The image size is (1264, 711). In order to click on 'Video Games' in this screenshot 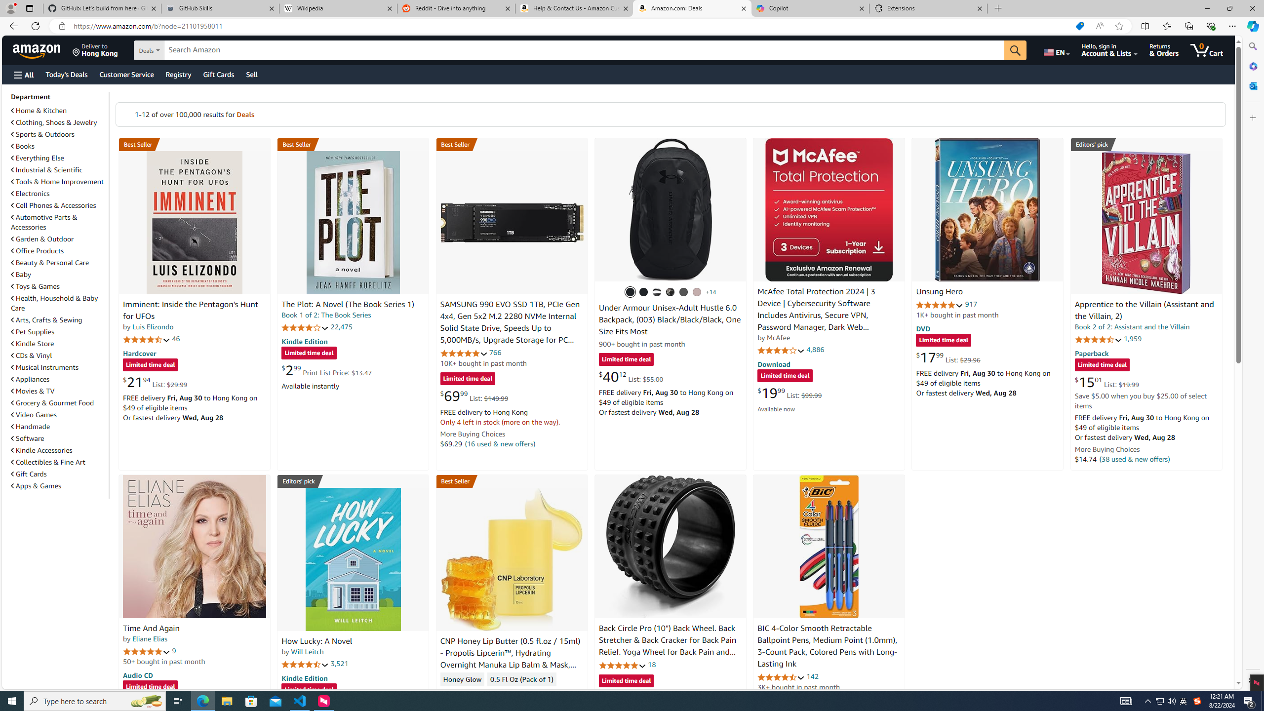, I will do `click(34, 414)`.